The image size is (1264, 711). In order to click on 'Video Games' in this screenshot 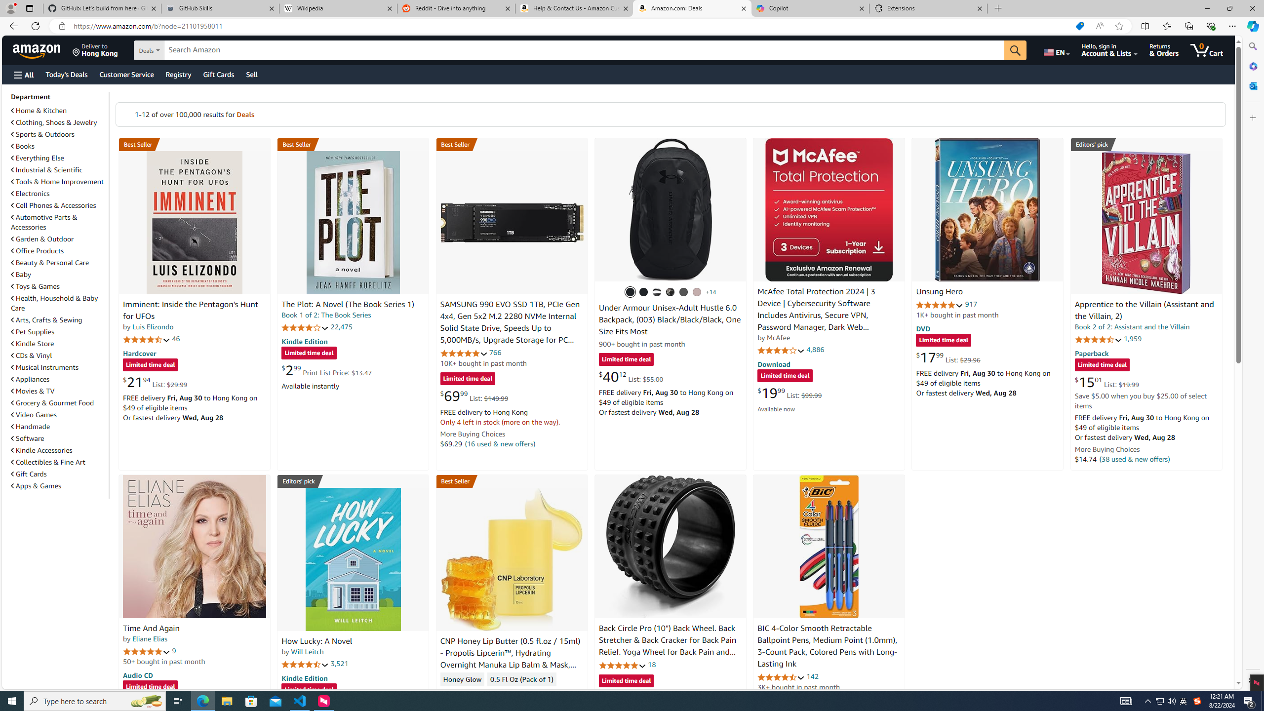, I will do `click(34, 414)`.